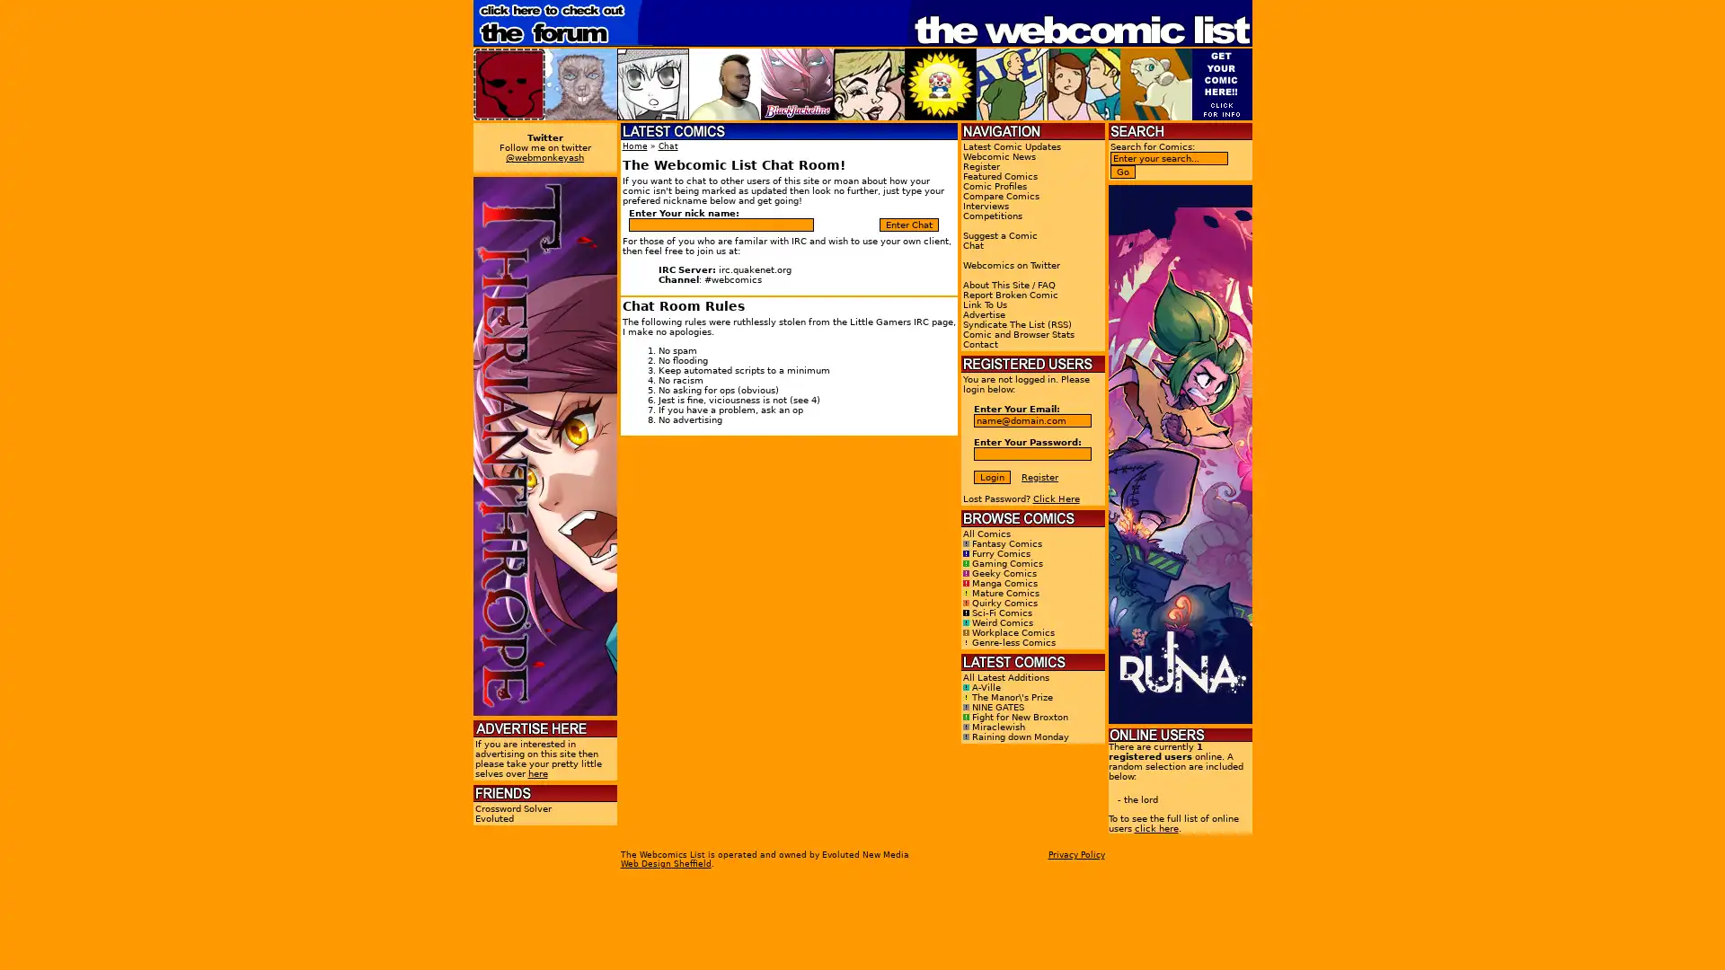  I want to click on Login, so click(991, 476).